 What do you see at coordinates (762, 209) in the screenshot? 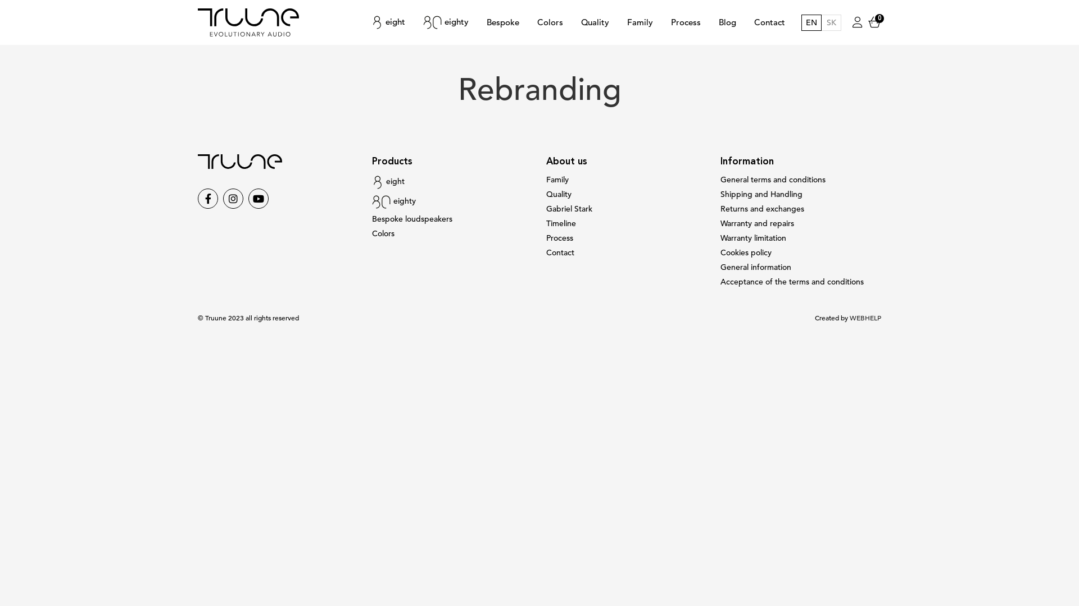
I see `'Returns and exchanges'` at bounding box center [762, 209].